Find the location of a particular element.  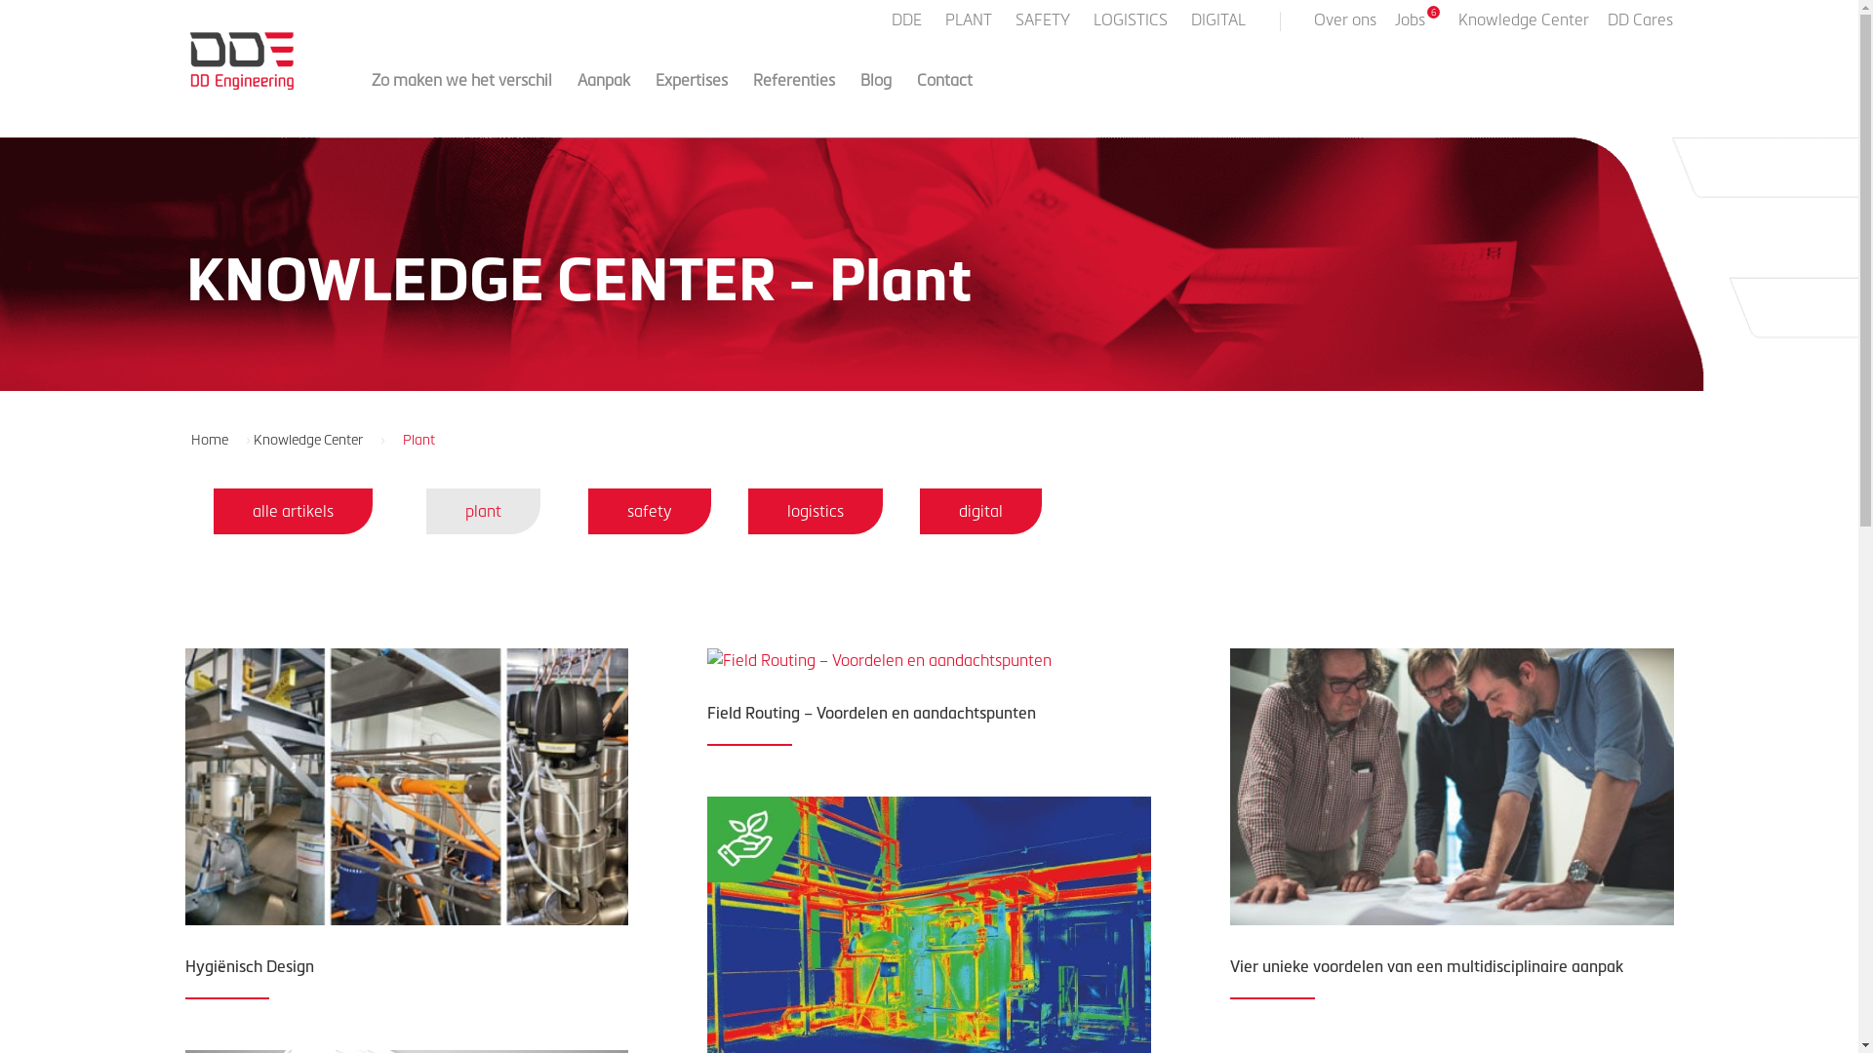

'DIGITAL' is located at coordinates (1218, 25).